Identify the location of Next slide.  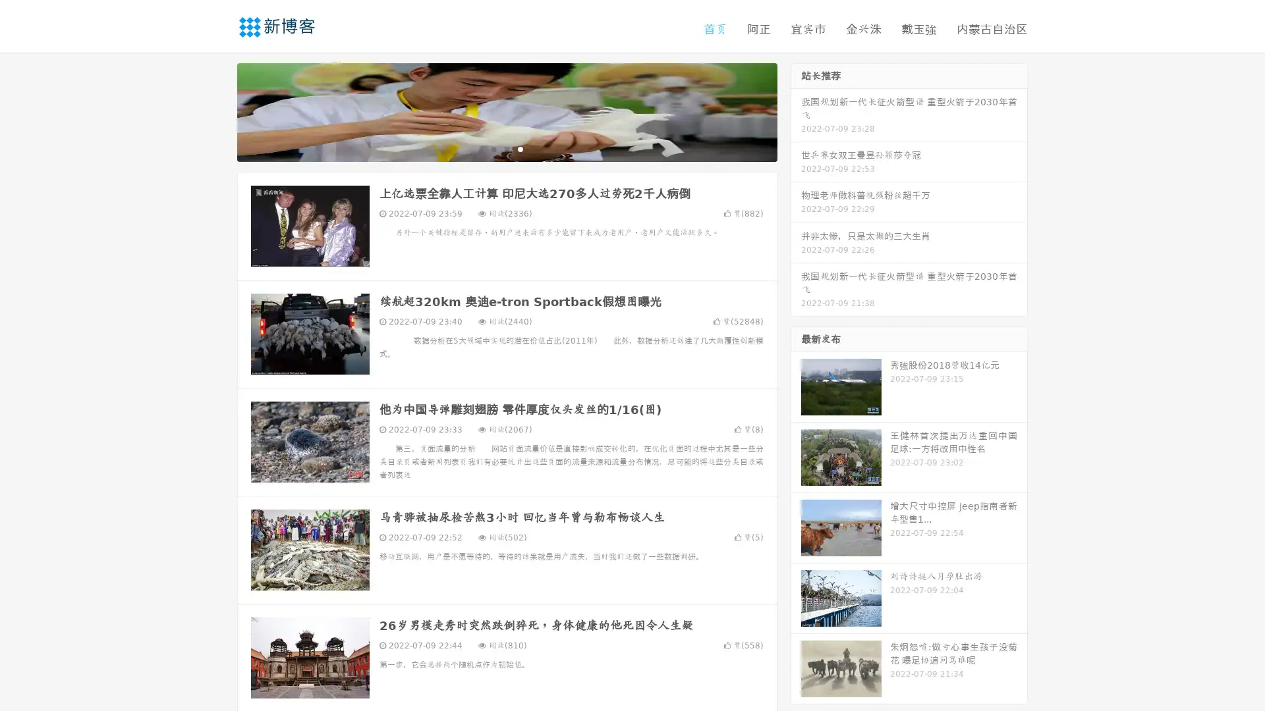
(796, 111).